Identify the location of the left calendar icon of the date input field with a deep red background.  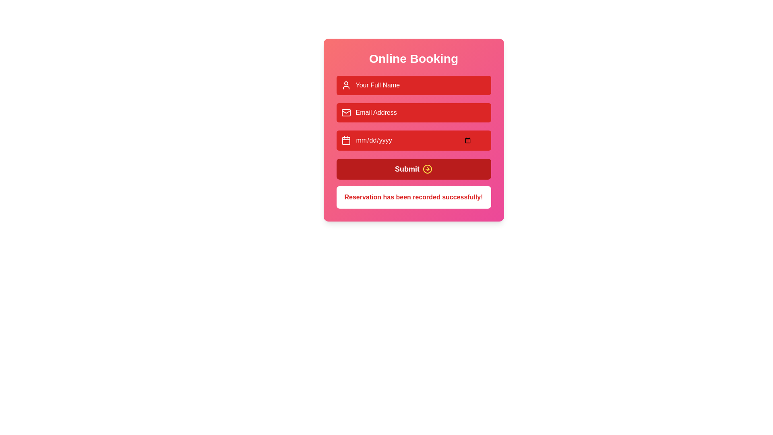
(413, 140).